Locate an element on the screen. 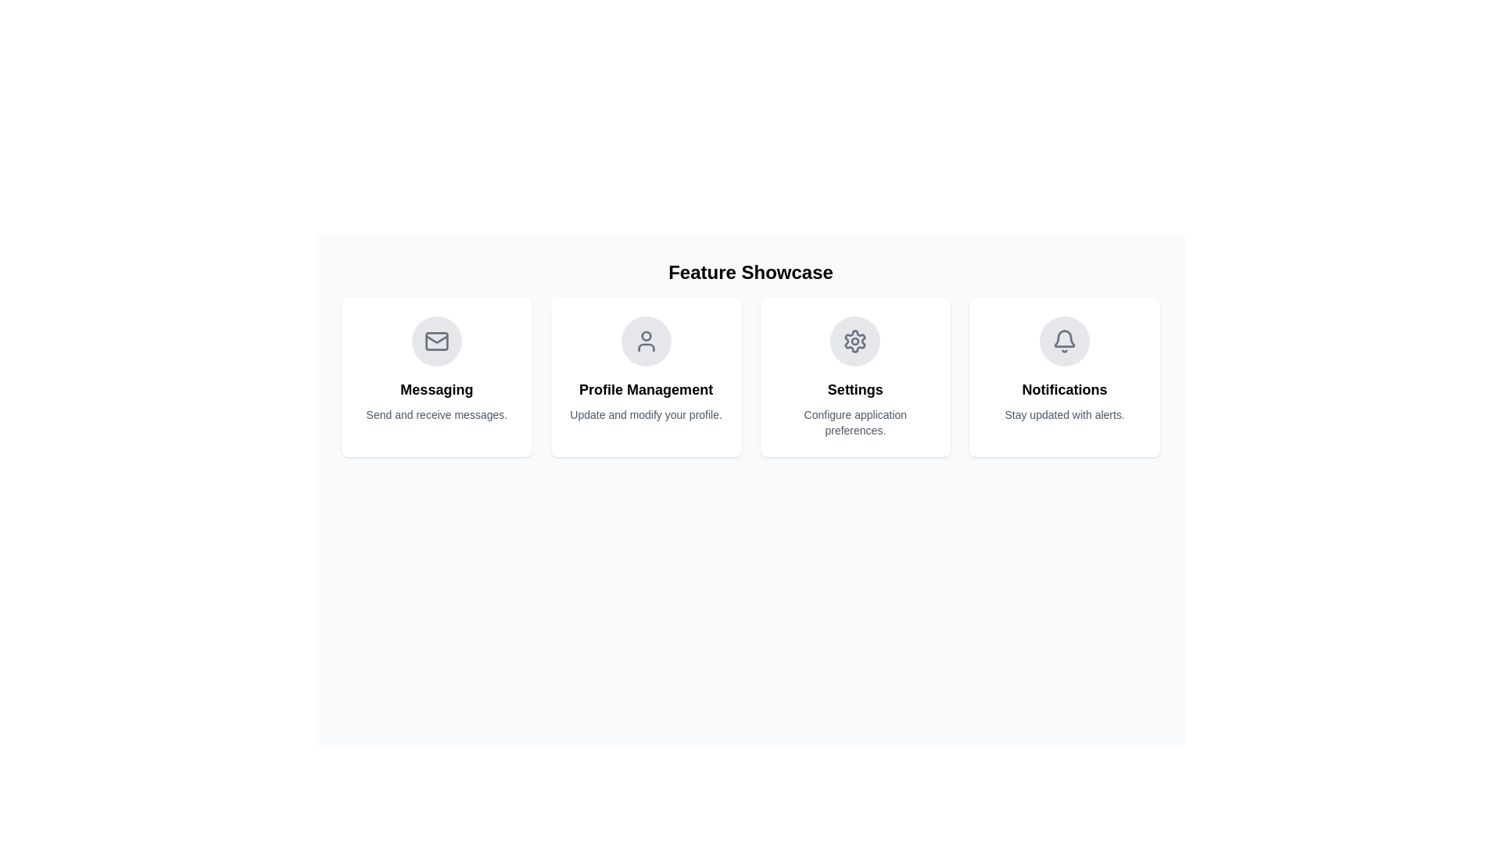  the settings icon located in the Feature Showcase section, which is centered within the 'Settings' card, positioned above the 'Configure application preferences' text and below the title 'Settings' is located at coordinates (854, 340).